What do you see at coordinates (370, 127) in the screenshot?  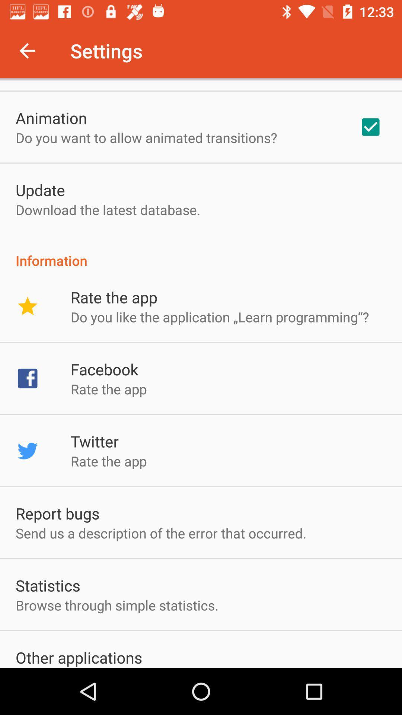 I see `the app to the right of the do you want app` at bounding box center [370, 127].